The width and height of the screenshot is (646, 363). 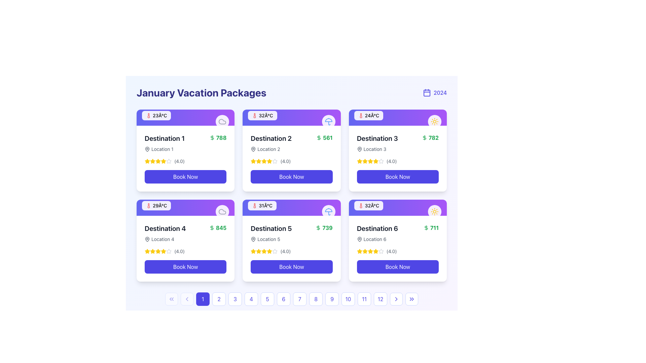 What do you see at coordinates (381, 251) in the screenshot?
I see `the gray outlined star icon, which is the fifth star in the horizontal sequence beneath the heading 'Destination 6'` at bounding box center [381, 251].